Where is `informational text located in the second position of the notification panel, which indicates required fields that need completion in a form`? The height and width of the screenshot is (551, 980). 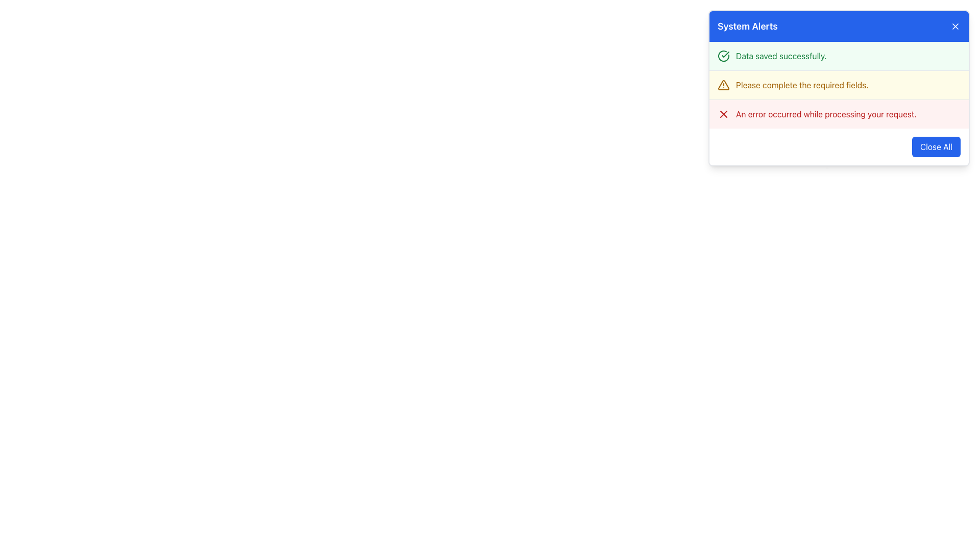 informational text located in the second position of the notification panel, which indicates required fields that need completion in a form is located at coordinates (801, 84).